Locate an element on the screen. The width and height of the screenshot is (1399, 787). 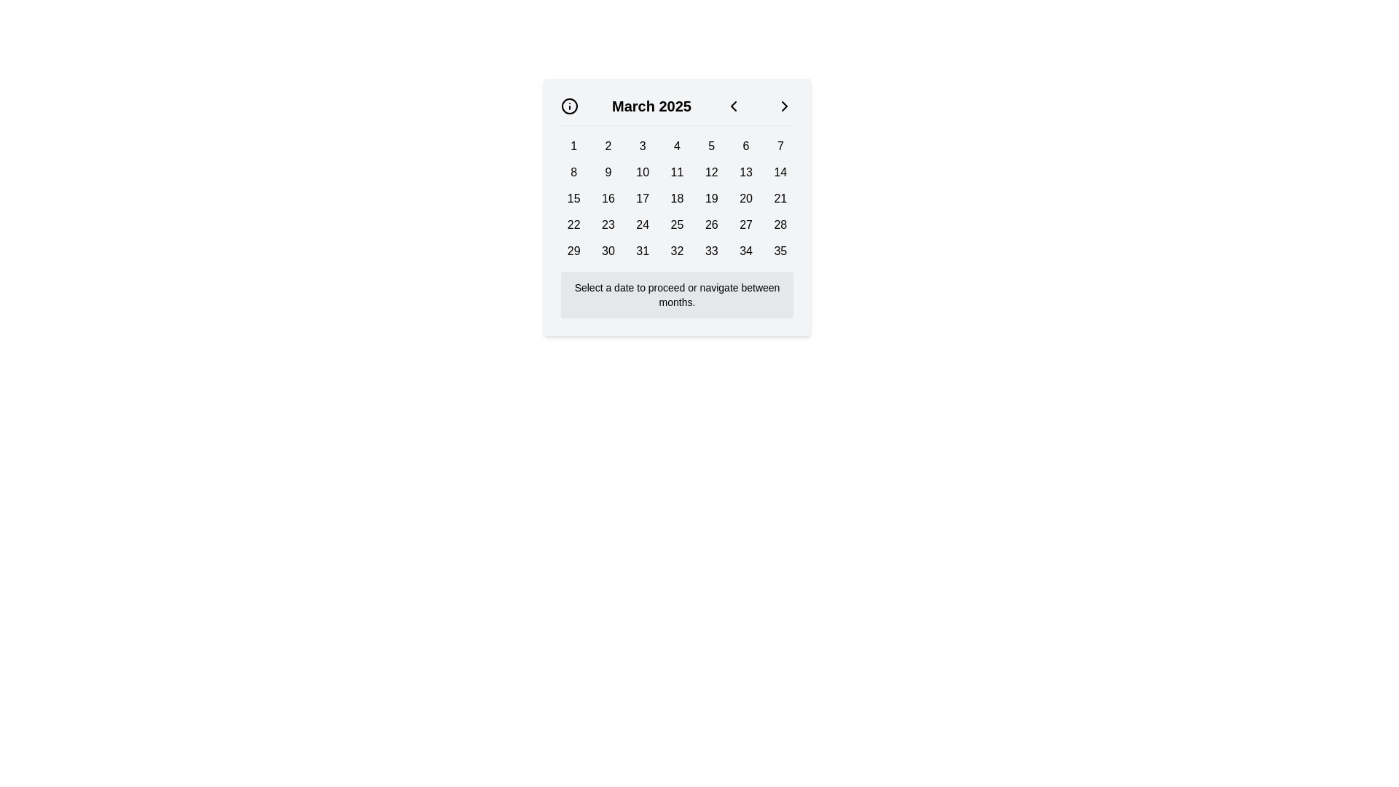
the button representing the day '28' is located at coordinates (780, 224).